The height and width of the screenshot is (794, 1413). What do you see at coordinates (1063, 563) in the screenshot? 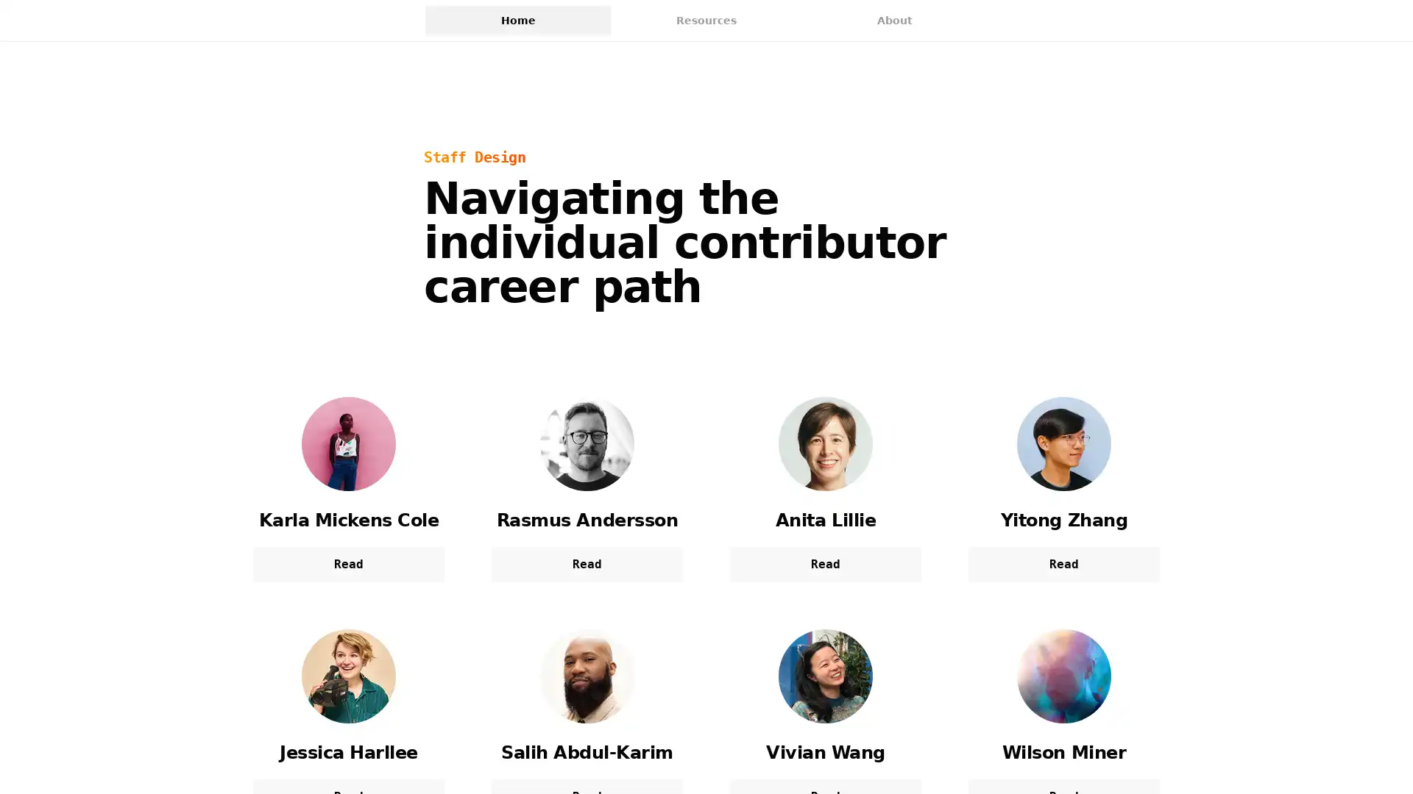
I see `Read` at bounding box center [1063, 563].